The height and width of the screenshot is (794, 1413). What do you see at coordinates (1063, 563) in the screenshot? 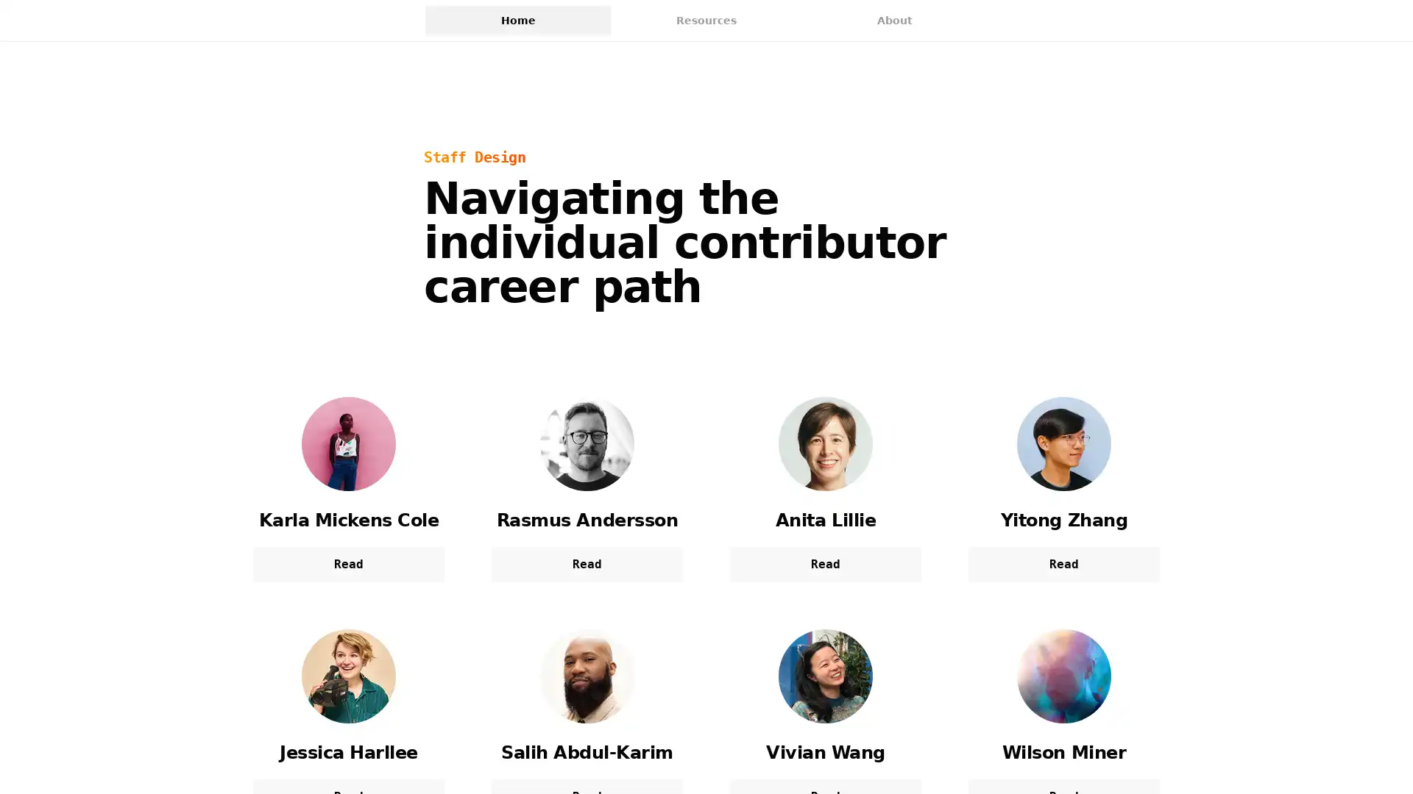
I see `Read` at bounding box center [1063, 563].